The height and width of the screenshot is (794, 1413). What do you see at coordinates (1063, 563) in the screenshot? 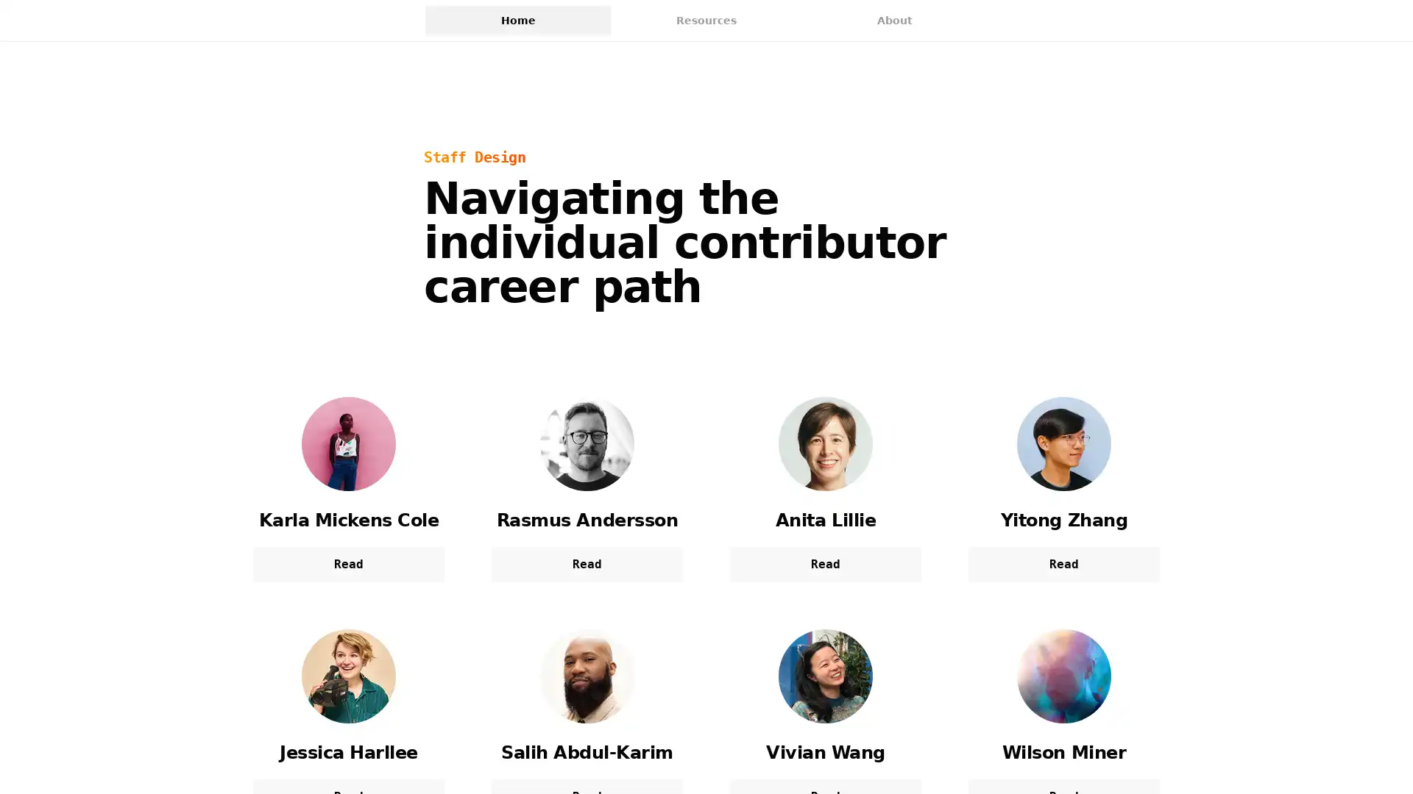
I see `Read` at bounding box center [1063, 563].